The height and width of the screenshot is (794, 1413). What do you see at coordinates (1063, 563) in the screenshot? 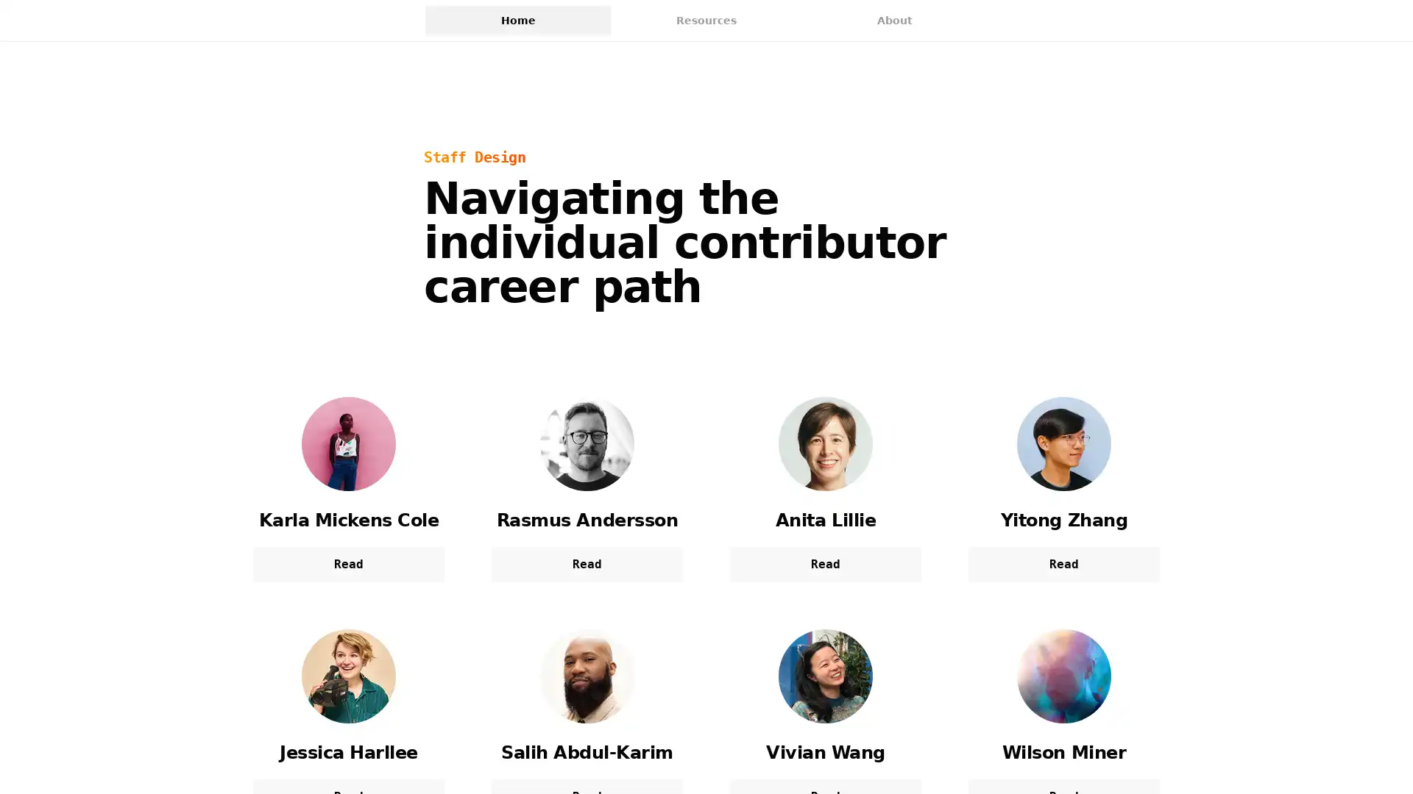
I see `Read` at bounding box center [1063, 563].